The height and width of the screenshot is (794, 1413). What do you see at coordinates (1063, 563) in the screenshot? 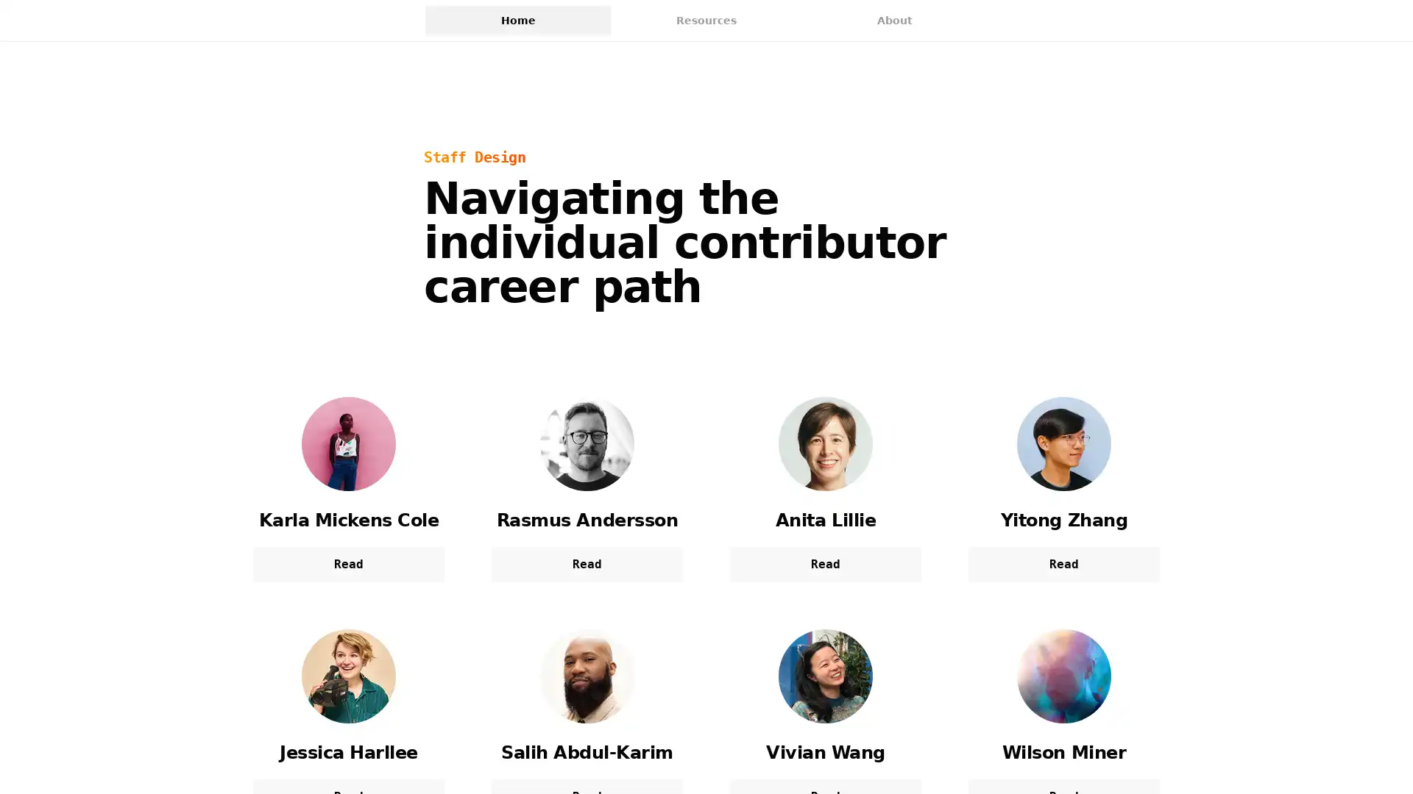
I see `Read` at bounding box center [1063, 563].